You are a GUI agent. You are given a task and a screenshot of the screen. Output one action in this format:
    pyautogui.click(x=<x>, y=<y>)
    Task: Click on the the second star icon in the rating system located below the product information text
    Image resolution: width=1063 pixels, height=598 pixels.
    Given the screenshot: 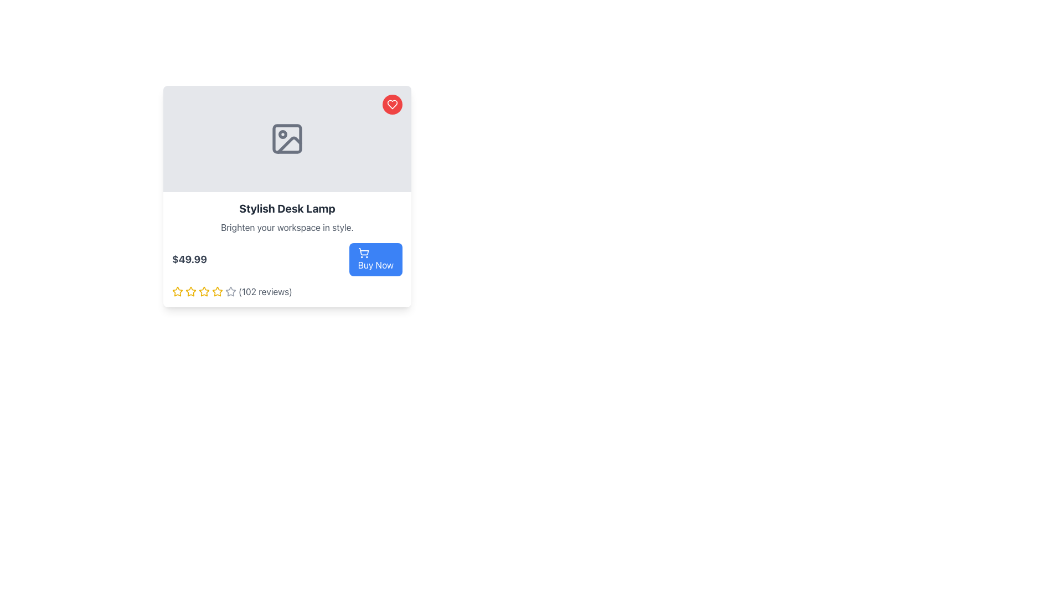 What is the action you would take?
    pyautogui.click(x=204, y=291)
    